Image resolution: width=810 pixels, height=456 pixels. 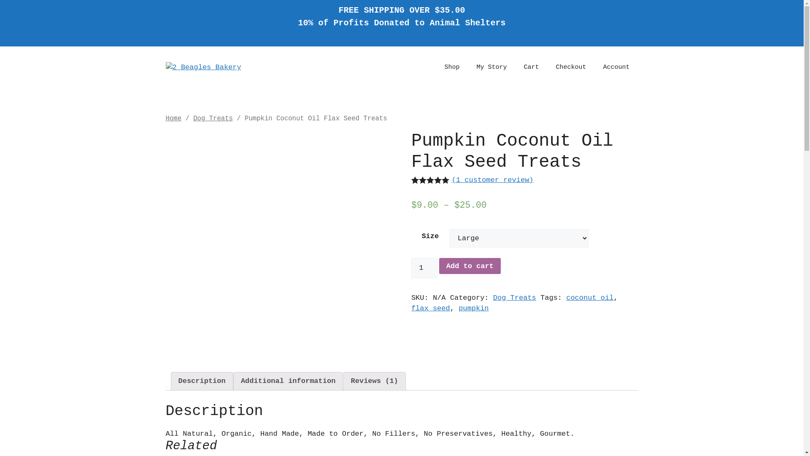 What do you see at coordinates (491, 67) in the screenshot?
I see `'My Story'` at bounding box center [491, 67].